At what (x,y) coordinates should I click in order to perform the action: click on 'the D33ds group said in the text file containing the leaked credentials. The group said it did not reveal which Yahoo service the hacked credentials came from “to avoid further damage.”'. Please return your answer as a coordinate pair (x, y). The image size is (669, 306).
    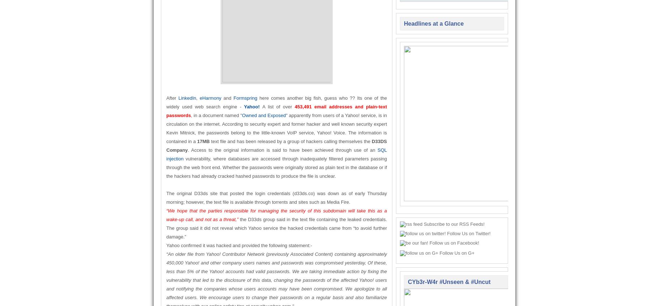
    Looking at the image, I should click on (276, 228).